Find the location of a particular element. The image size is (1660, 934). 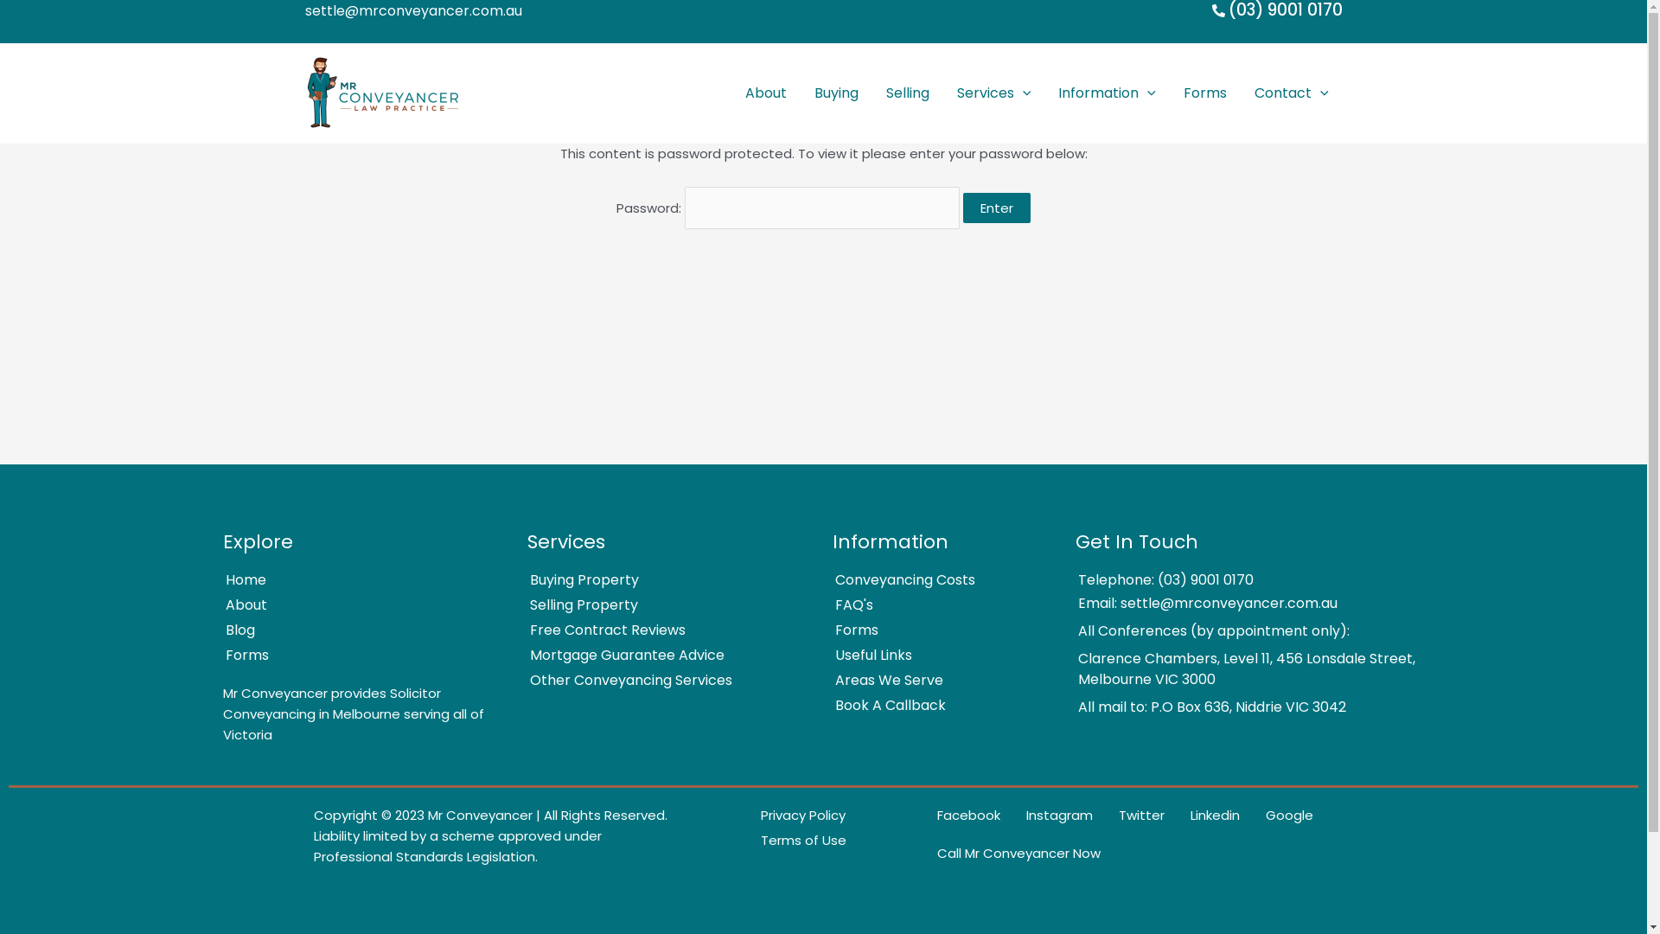

'Telephone: (03) 9001 0170' is located at coordinates (1053, 580).